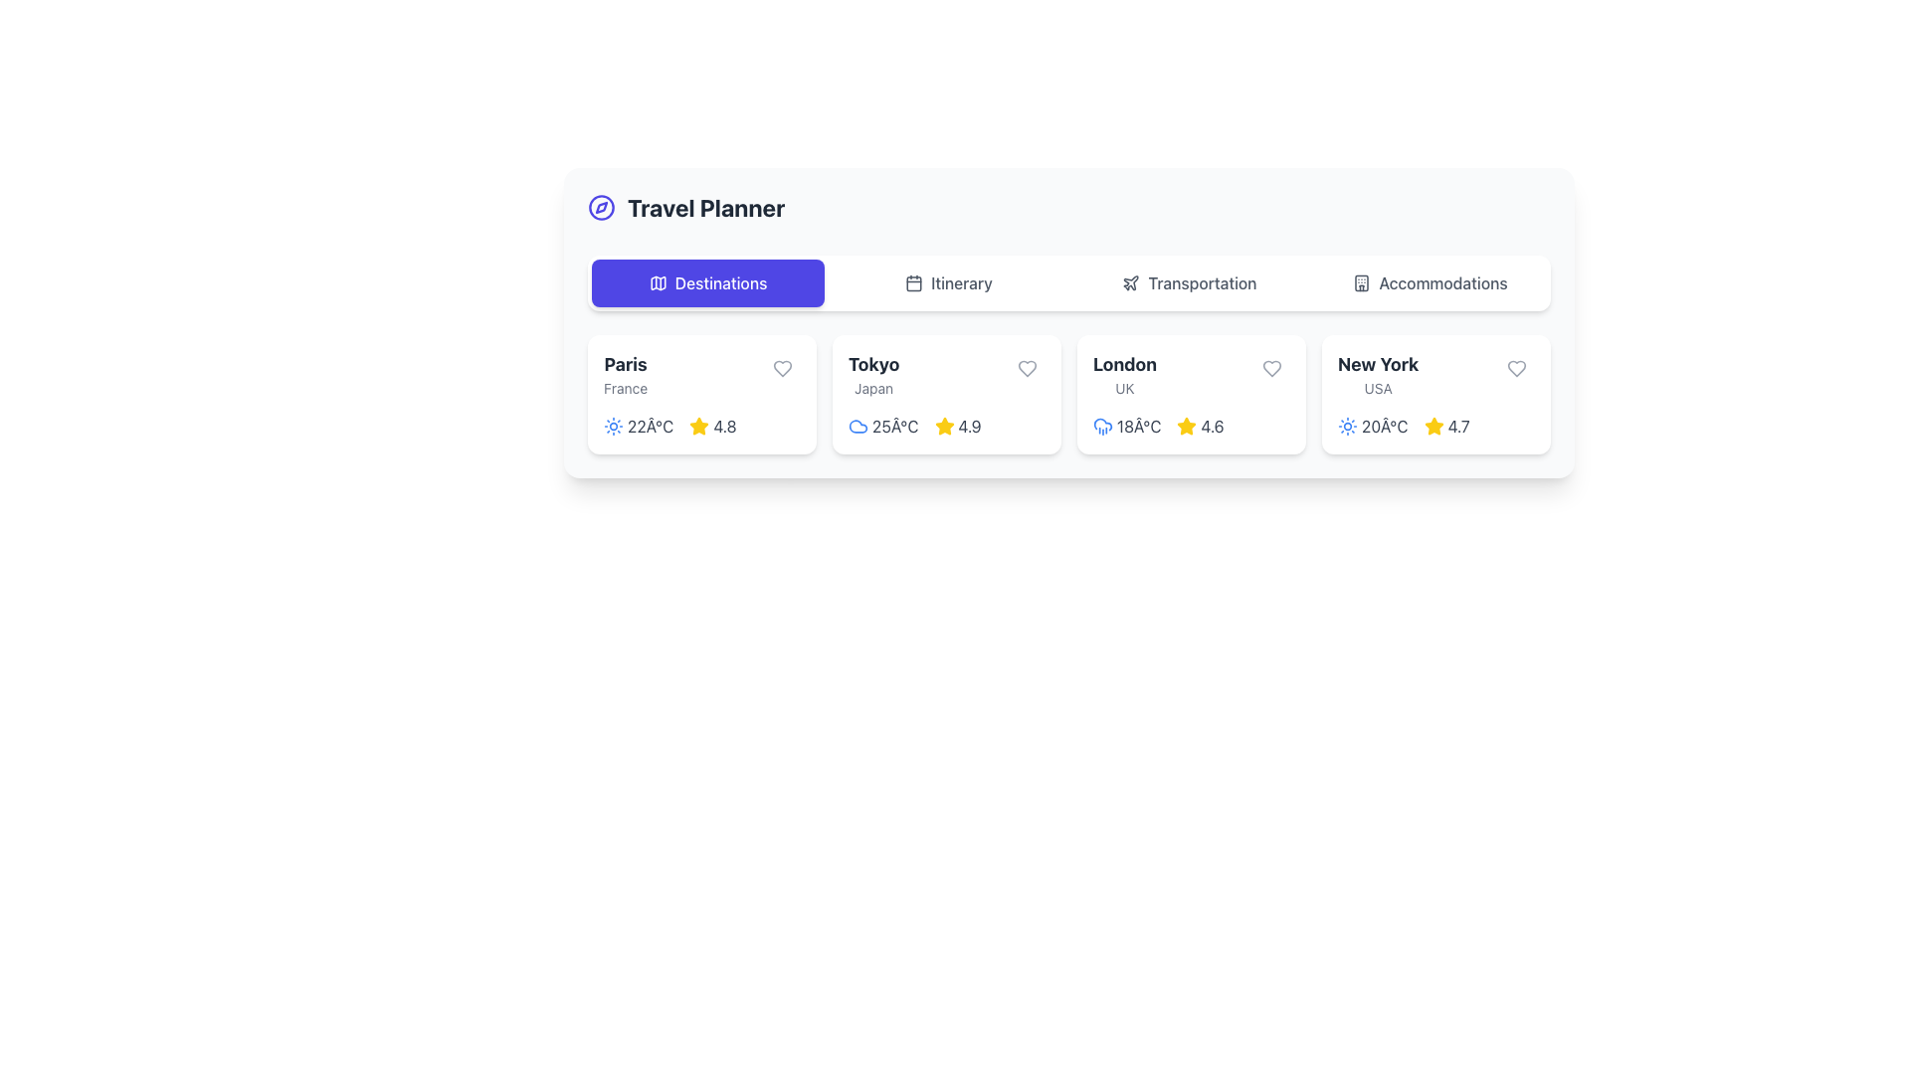 The width and height of the screenshot is (1910, 1074). I want to click on the text 'Paris' which is styled in bold, large font and located at the top of the first card in the 'Destinations' section, so click(625, 364).